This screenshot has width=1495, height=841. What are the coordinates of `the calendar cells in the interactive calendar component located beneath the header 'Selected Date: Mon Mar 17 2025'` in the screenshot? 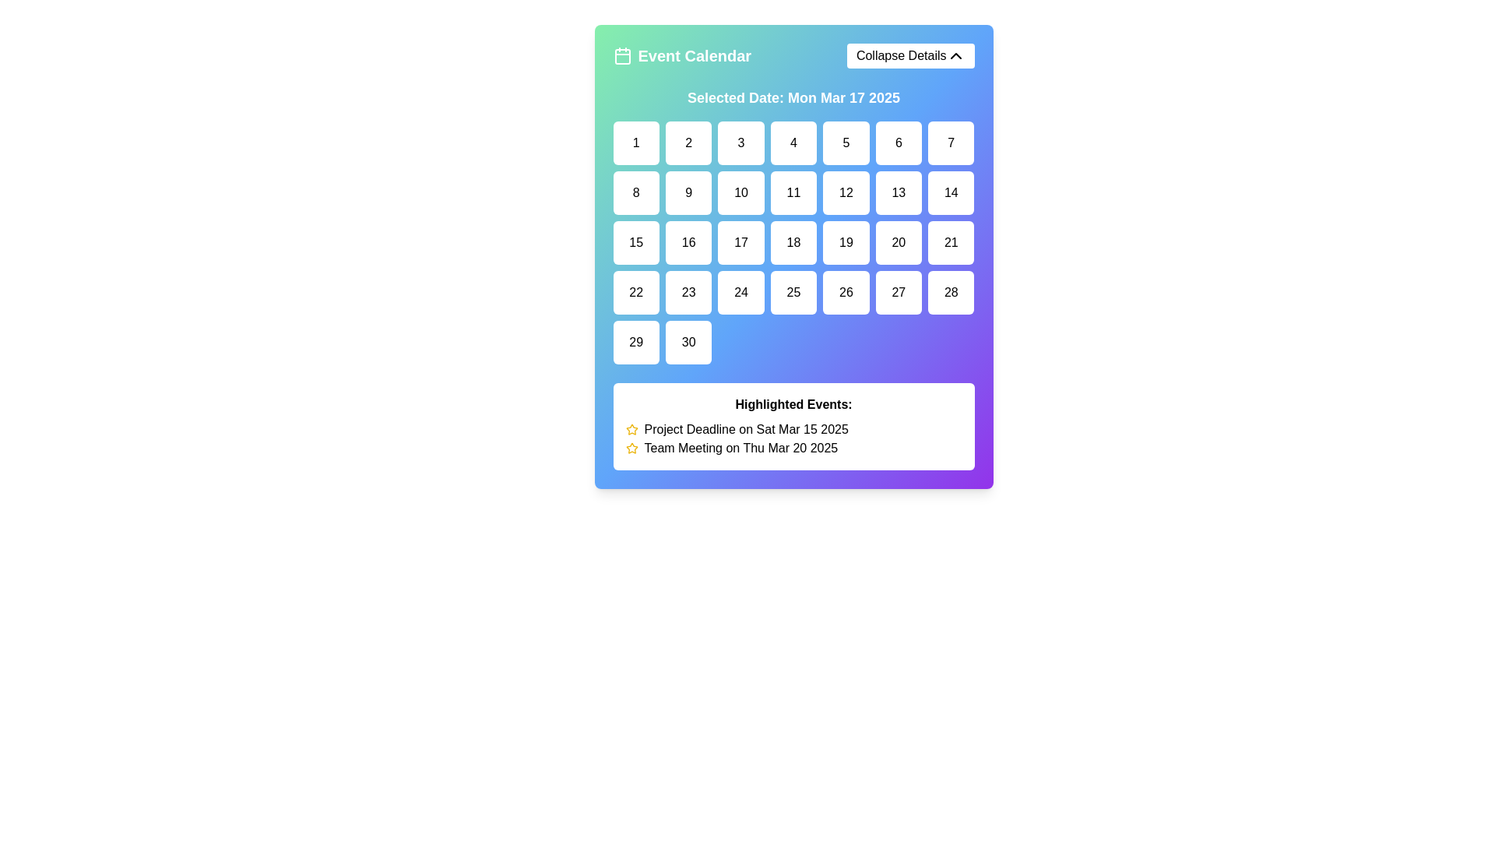 It's located at (793, 278).